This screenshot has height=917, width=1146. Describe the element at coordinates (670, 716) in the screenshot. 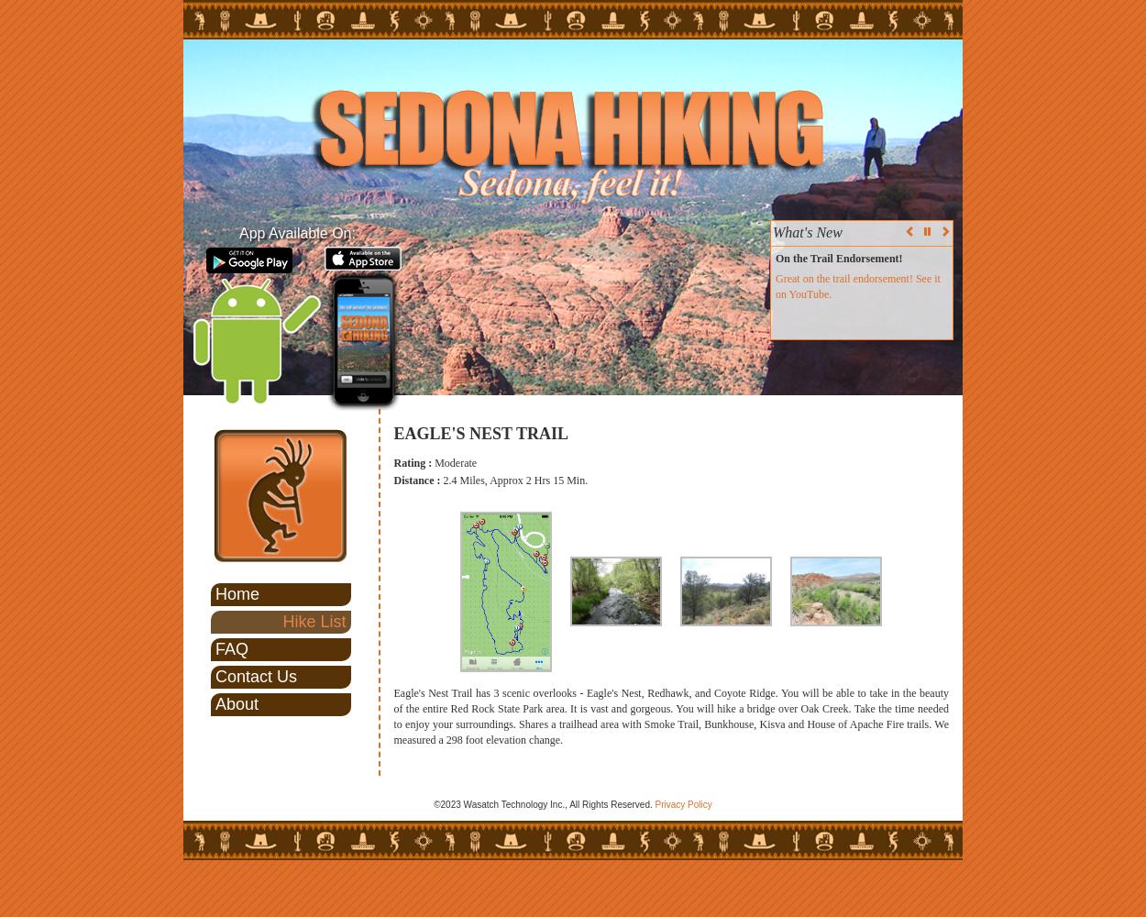

I see `'Eagle's Nest Trail has 3 scenic overlooks - Eagle's Nest, Redhawk, and Coyote Ridge. You will be able to take in the beauty of the entire Red Rock State Park area. It is vast and gorgeous. You will hike a bridge over Oak Creek. Take the time needed to enjoy your surroundings. Shares a trailhead area with Smoke Trail, Bunkhouse, Kisva and House of Apache Fire trails. We measured a 298 foot elevation change.'` at that location.